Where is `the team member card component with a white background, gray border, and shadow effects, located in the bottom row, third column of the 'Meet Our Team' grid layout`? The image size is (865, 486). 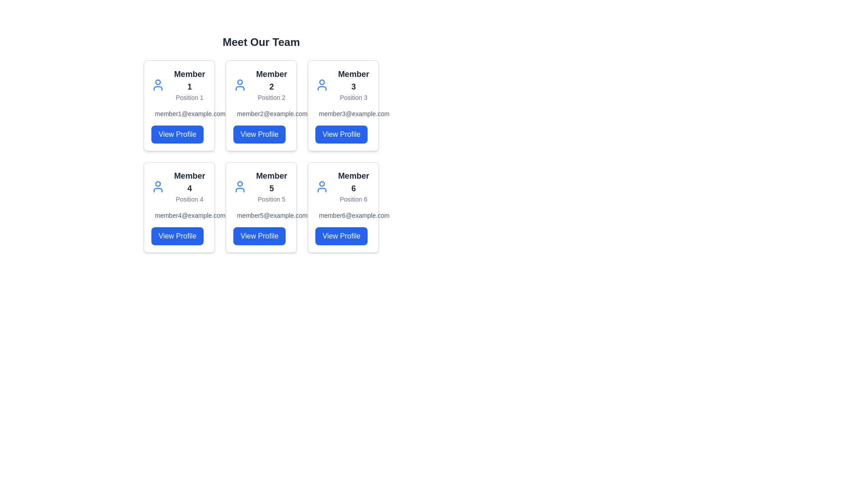
the team member card component with a white background, gray border, and shadow effects, located in the bottom row, third column of the 'Meet Our Team' grid layout is located at coordinates (343, 207).